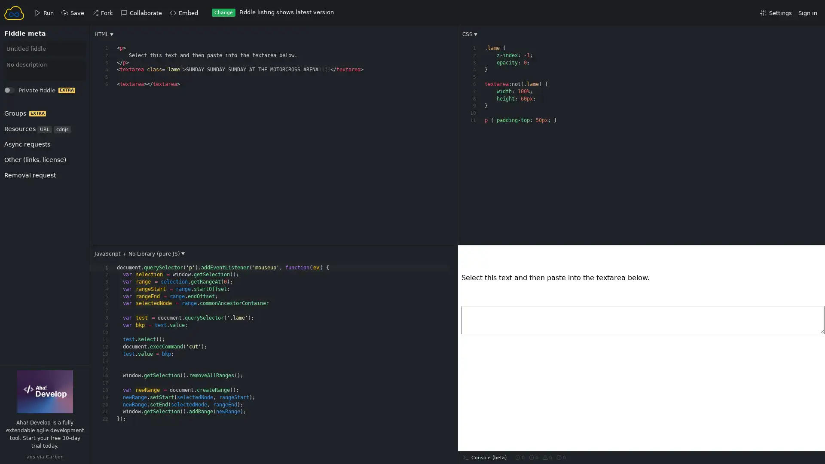 This screenshot has height=464, width=825. Describe the element at coordinates (18, 92) in the screenshot. I see `Save` at that location.